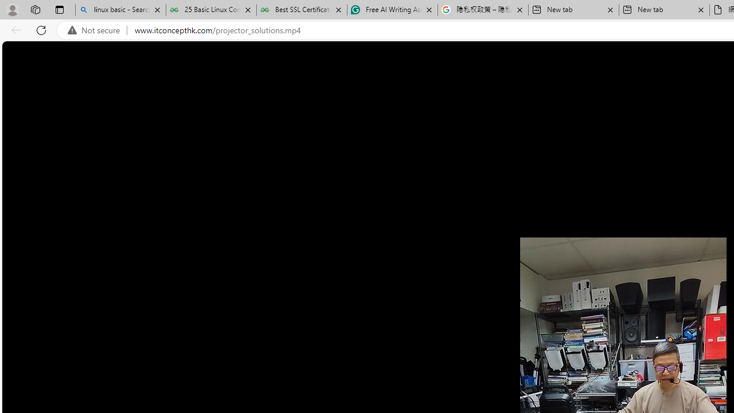  I want to click on 'Free AI Writing Assistance for Students | Grammarly', so click(392, 10).